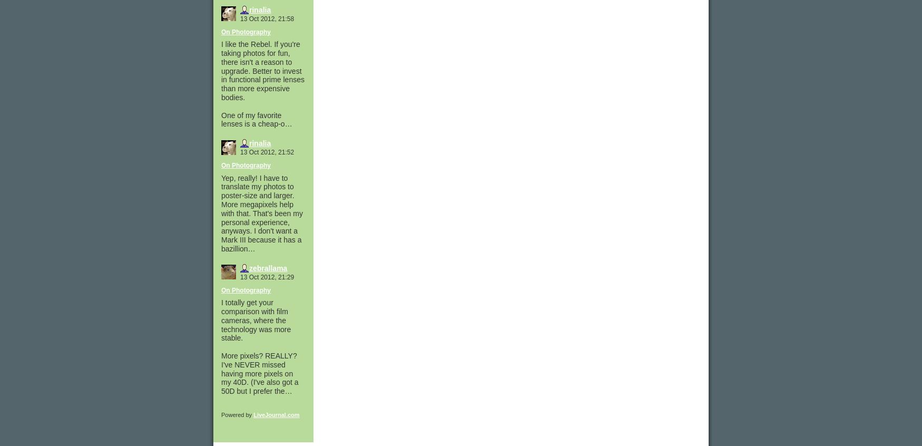 Image resolution: width=922 pixels, height=446 pixels. What do you see at coordinates (256, 319) in the screenshot?
I see `'I totally get your comparison with film cameras, where the technology was more stable.'` at bounding box center [256, 319].